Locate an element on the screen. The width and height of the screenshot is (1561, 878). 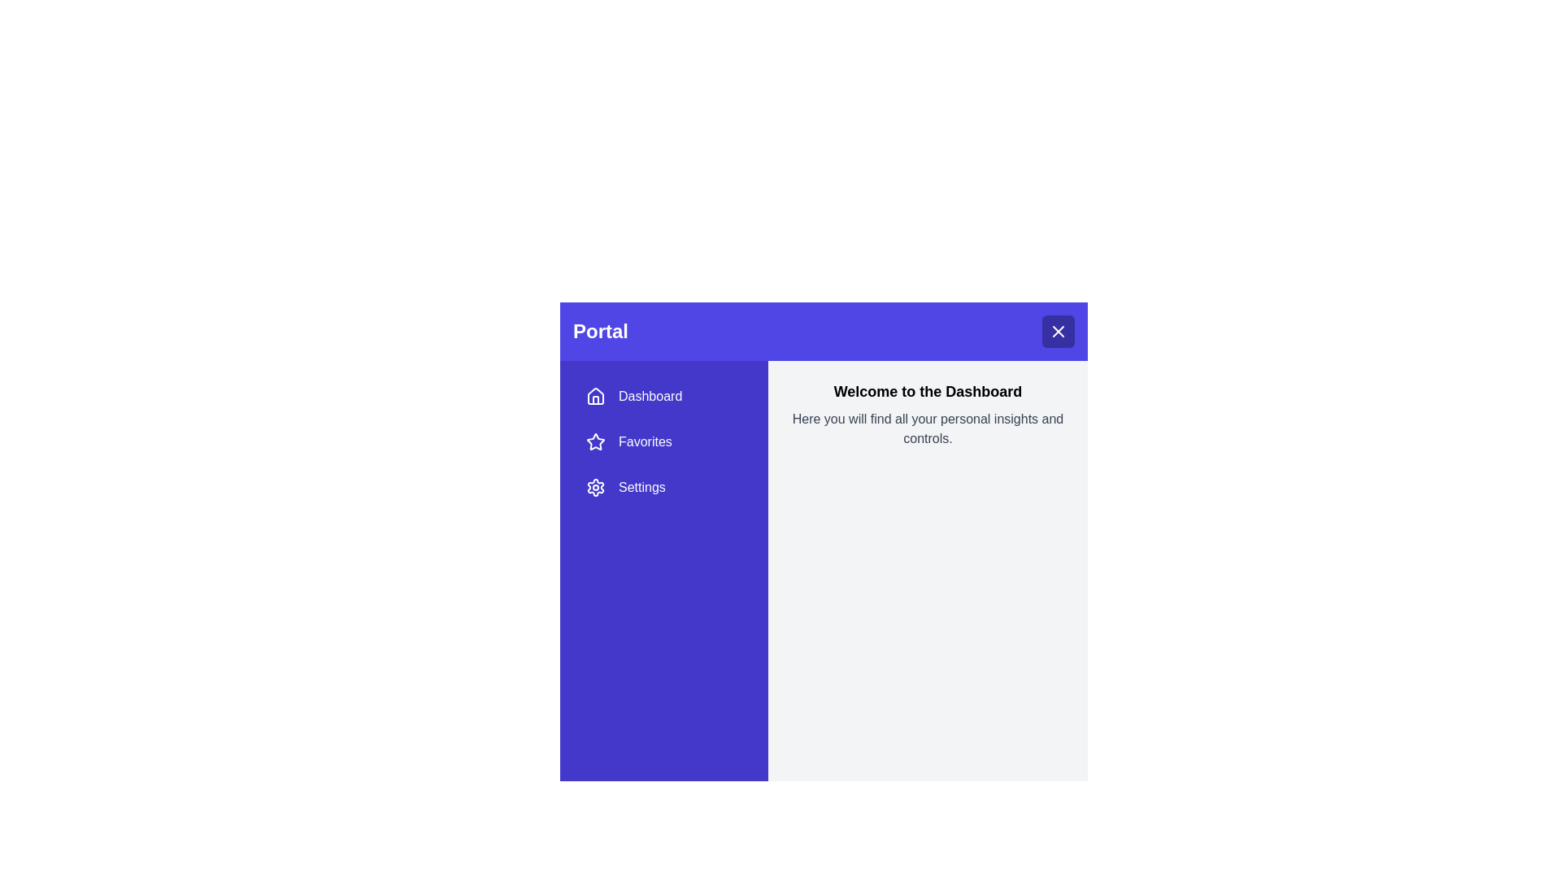
the text block styled in gray that contains the statement 'Here you will find all your personal insights and controls.' located below the heading 'Welcome to the Dashboard.' is located at coordinates (928, 428).